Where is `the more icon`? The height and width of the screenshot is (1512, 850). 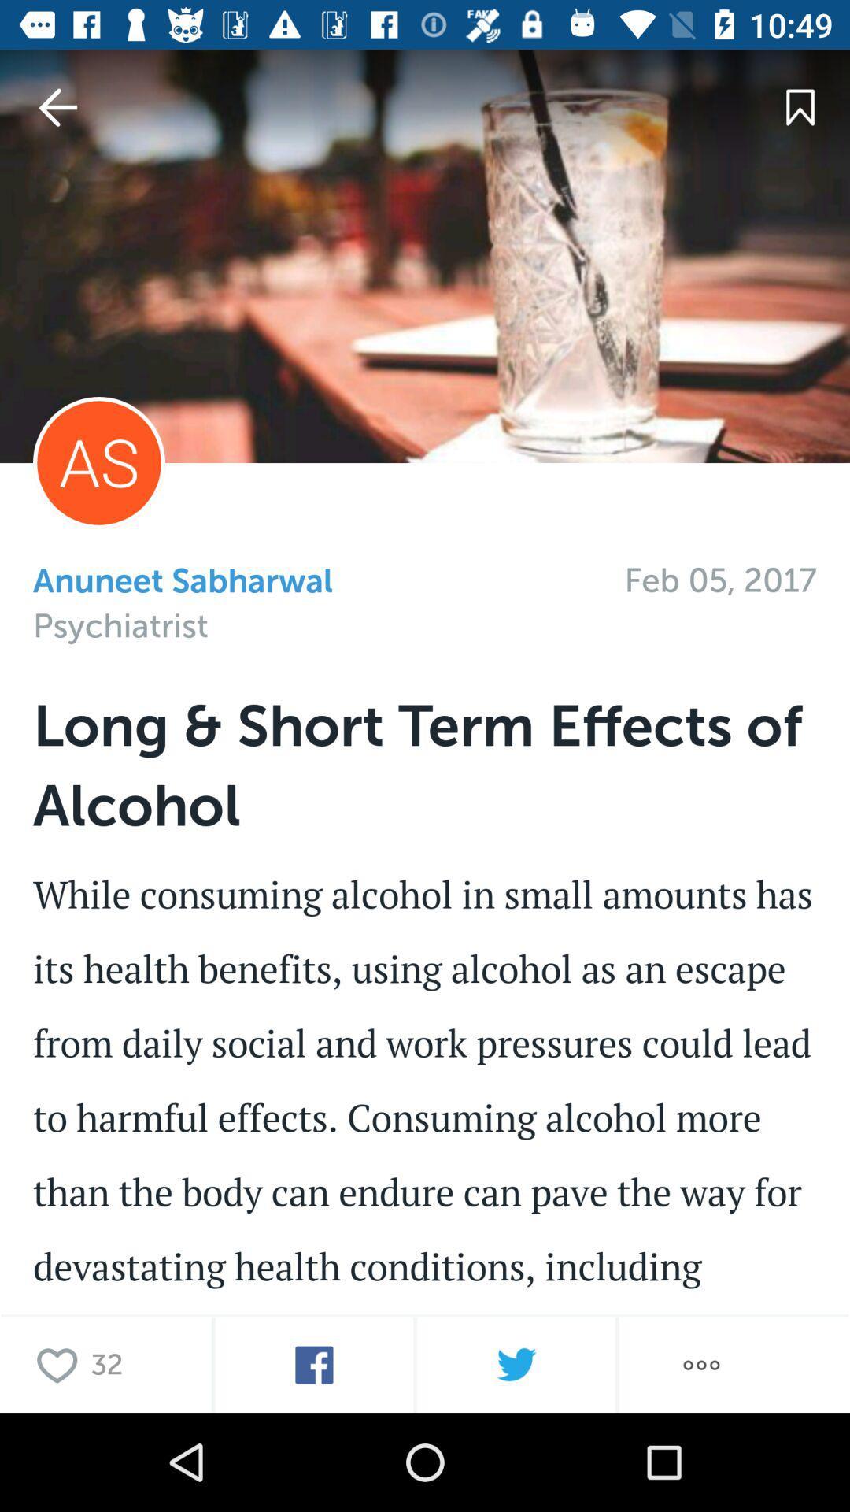 the more icon is located at coordinates (700, 1364).